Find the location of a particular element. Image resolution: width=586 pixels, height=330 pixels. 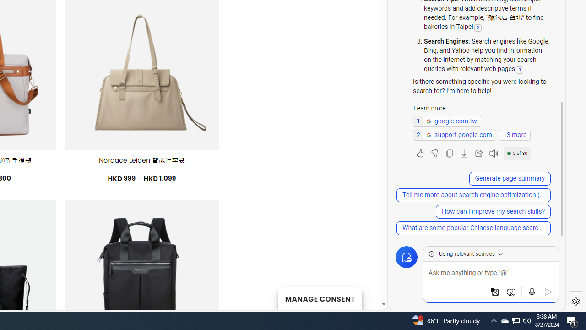

'MANAGE CONSENT' is located at coordinates (320, 298).